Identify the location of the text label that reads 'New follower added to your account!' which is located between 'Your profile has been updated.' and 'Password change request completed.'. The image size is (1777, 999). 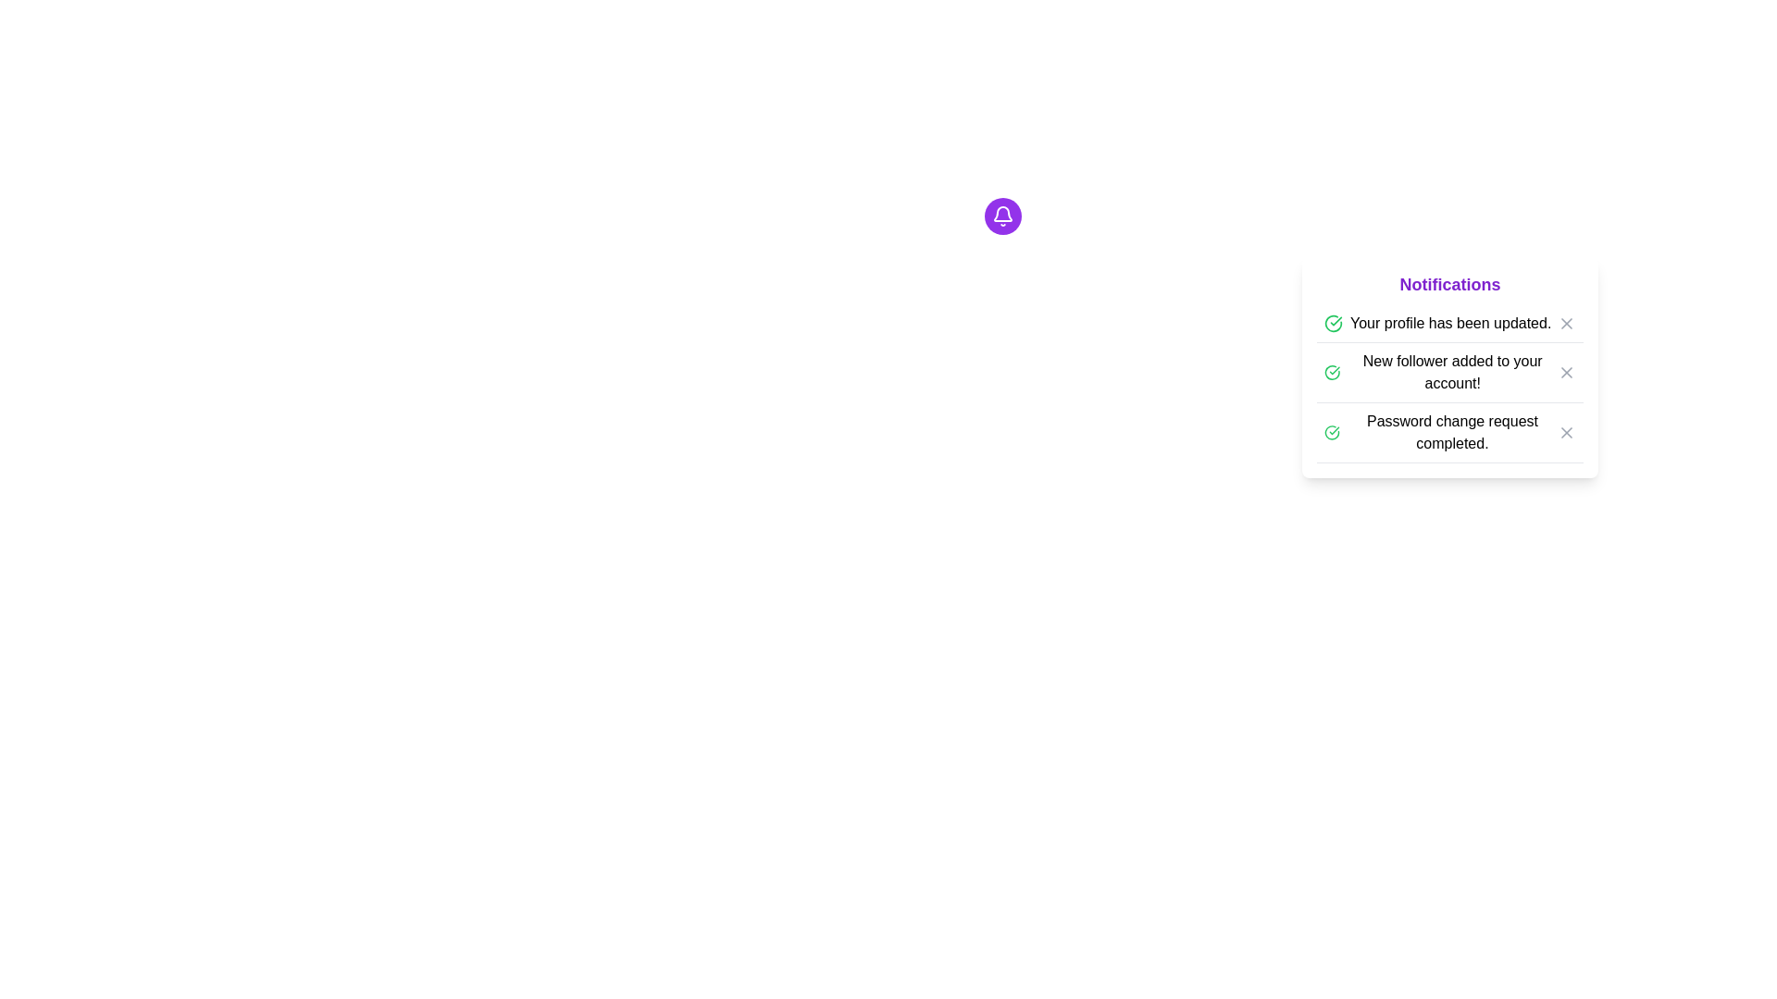
(1439, 372).